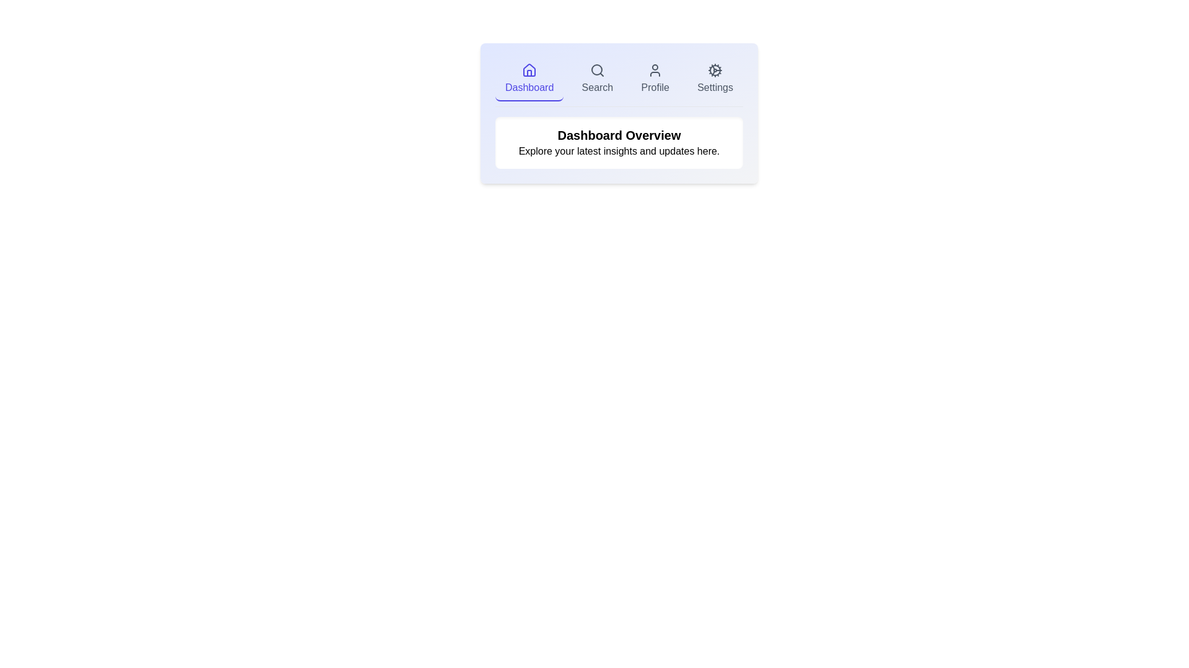 The image size is (1189, 668). What do you see at coordinates (619, 151) in the screenshot?
I see `the Text Label that contains the string 'Explore your latest insights and updates here.' positioned centrally beneath the 'Dashboard Overview' title` at bounding box center [619, 151].